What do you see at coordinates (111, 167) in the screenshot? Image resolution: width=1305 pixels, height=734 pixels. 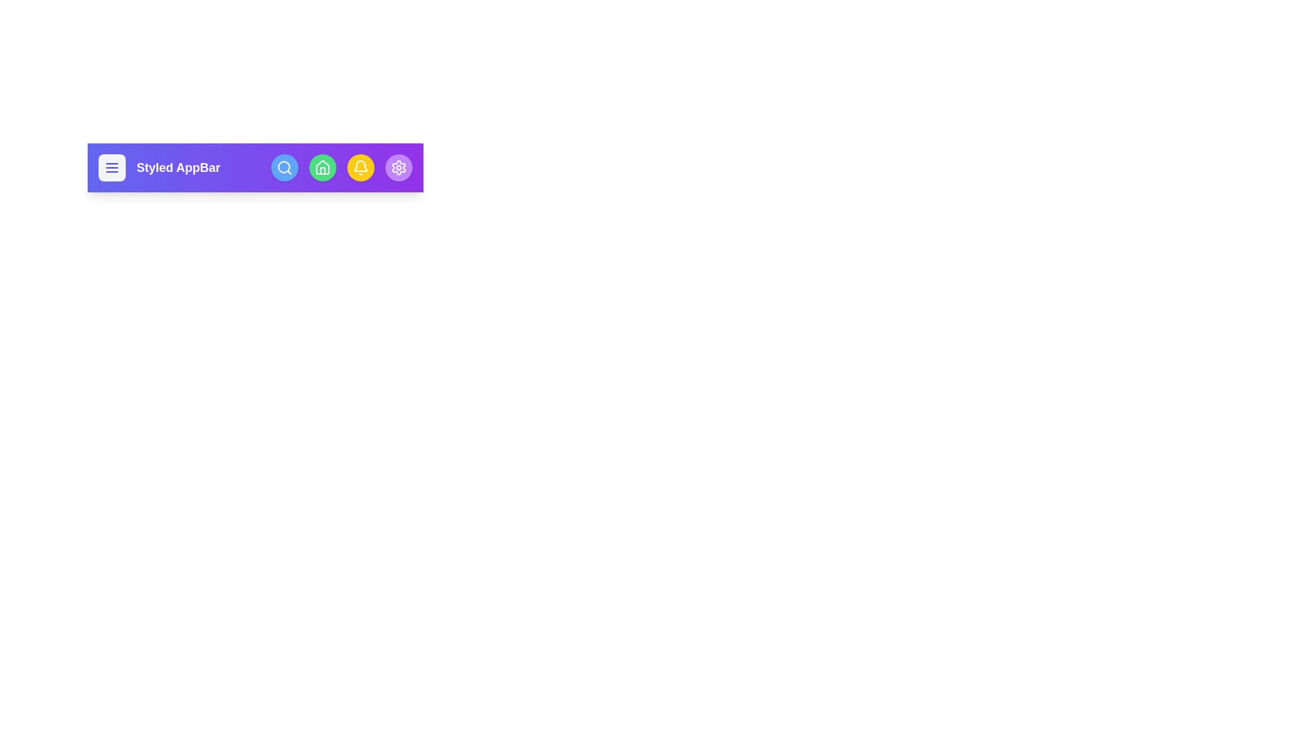 I see `the icon menu to observe its hover effect` at bounding box center [111, 167].